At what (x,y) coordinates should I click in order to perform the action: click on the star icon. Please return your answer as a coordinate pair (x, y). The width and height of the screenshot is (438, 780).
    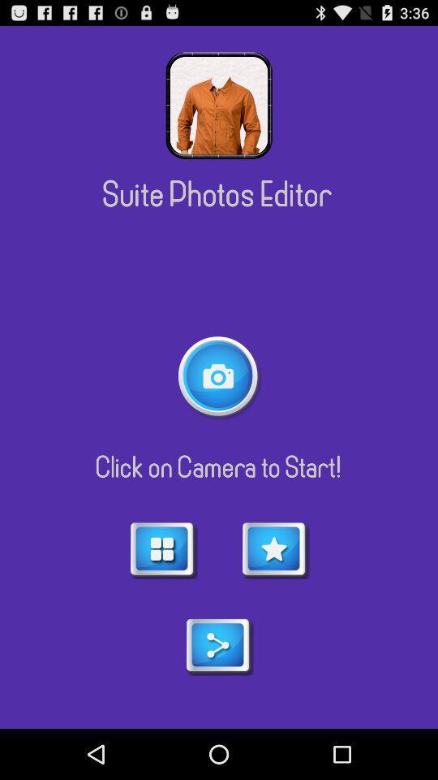
    Looking at the image, I should click on (274, 587).